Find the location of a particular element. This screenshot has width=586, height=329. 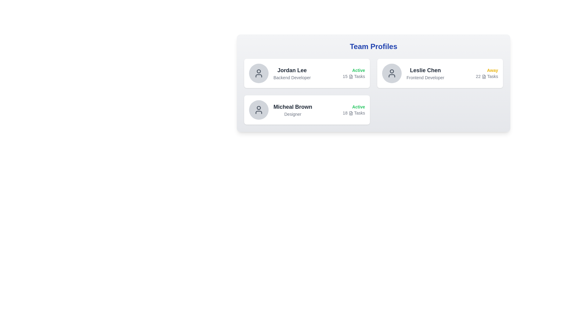

the circular element representing the user 'Michael Brown' in the profile UI is located at coordinates (259, 108).